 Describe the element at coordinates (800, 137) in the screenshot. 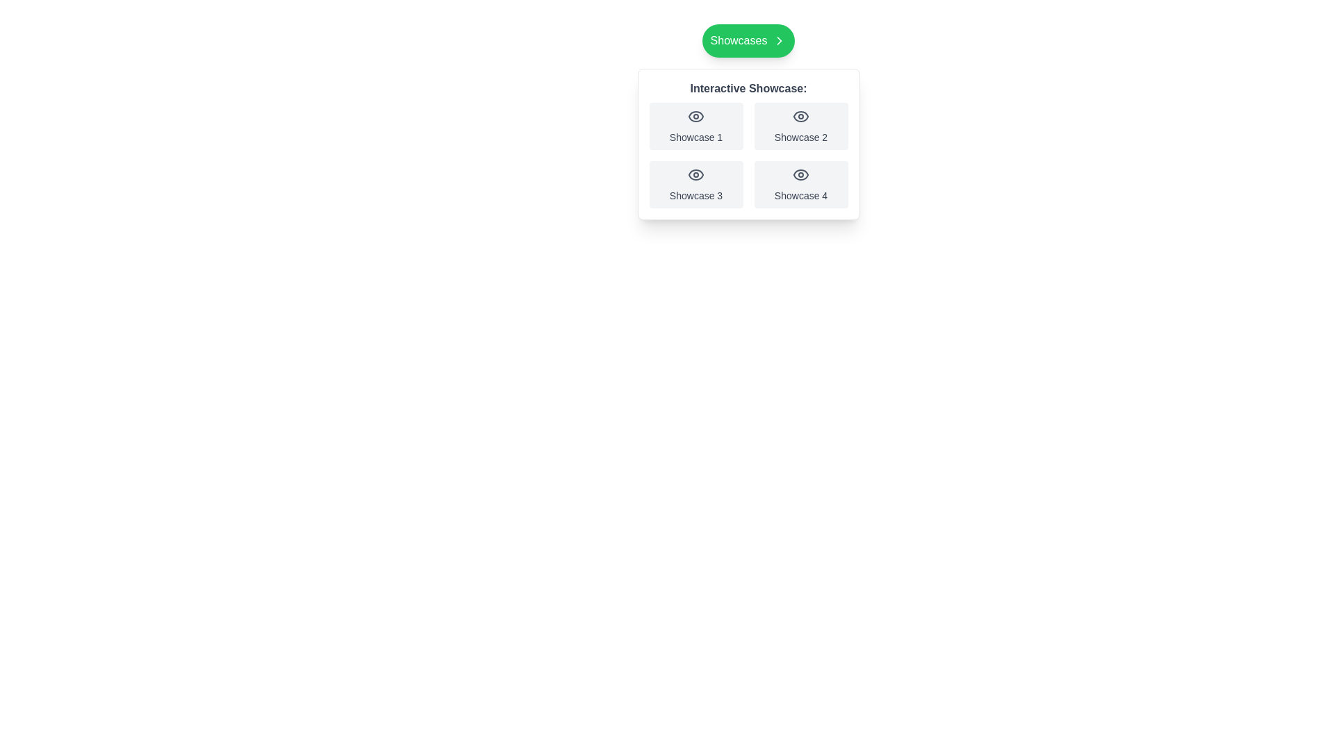

I see `the Text label located in the top-right cell under the header 'Interactive Showcase', which provides recognizable information about the feature represented by the eye-like icon above it` at that location.